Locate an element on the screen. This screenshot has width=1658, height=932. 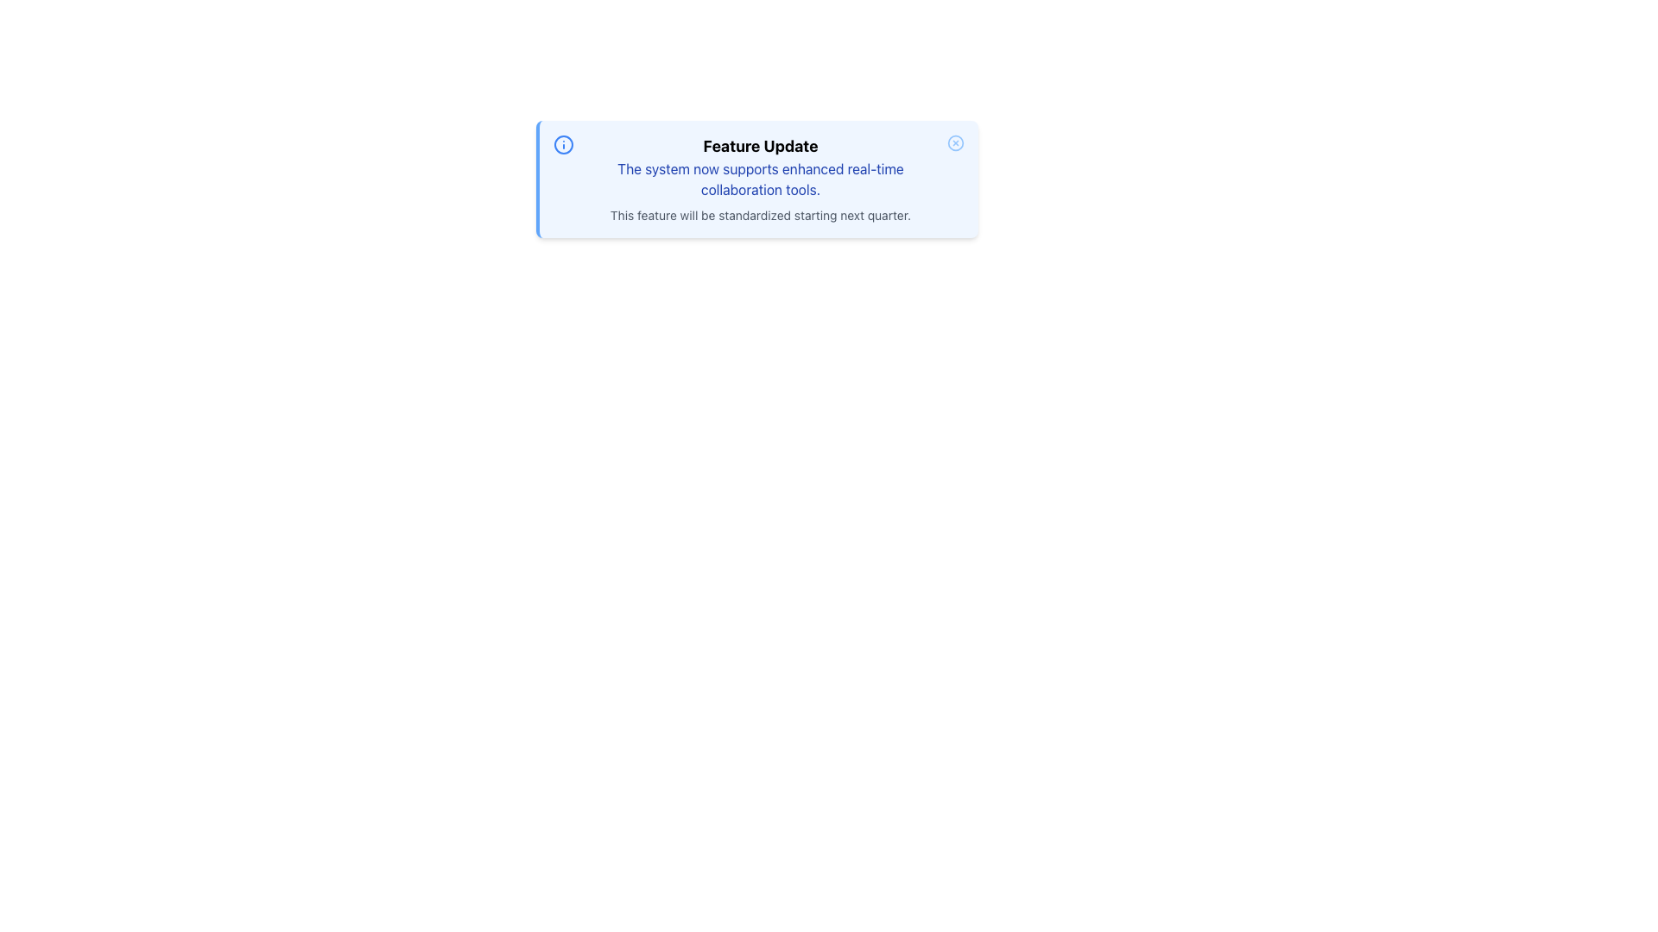
the icon located at the top-left corner of the notification box titled 'Feature Update', which visually identifies the type of information it contains is located at coordinates (563, 144).